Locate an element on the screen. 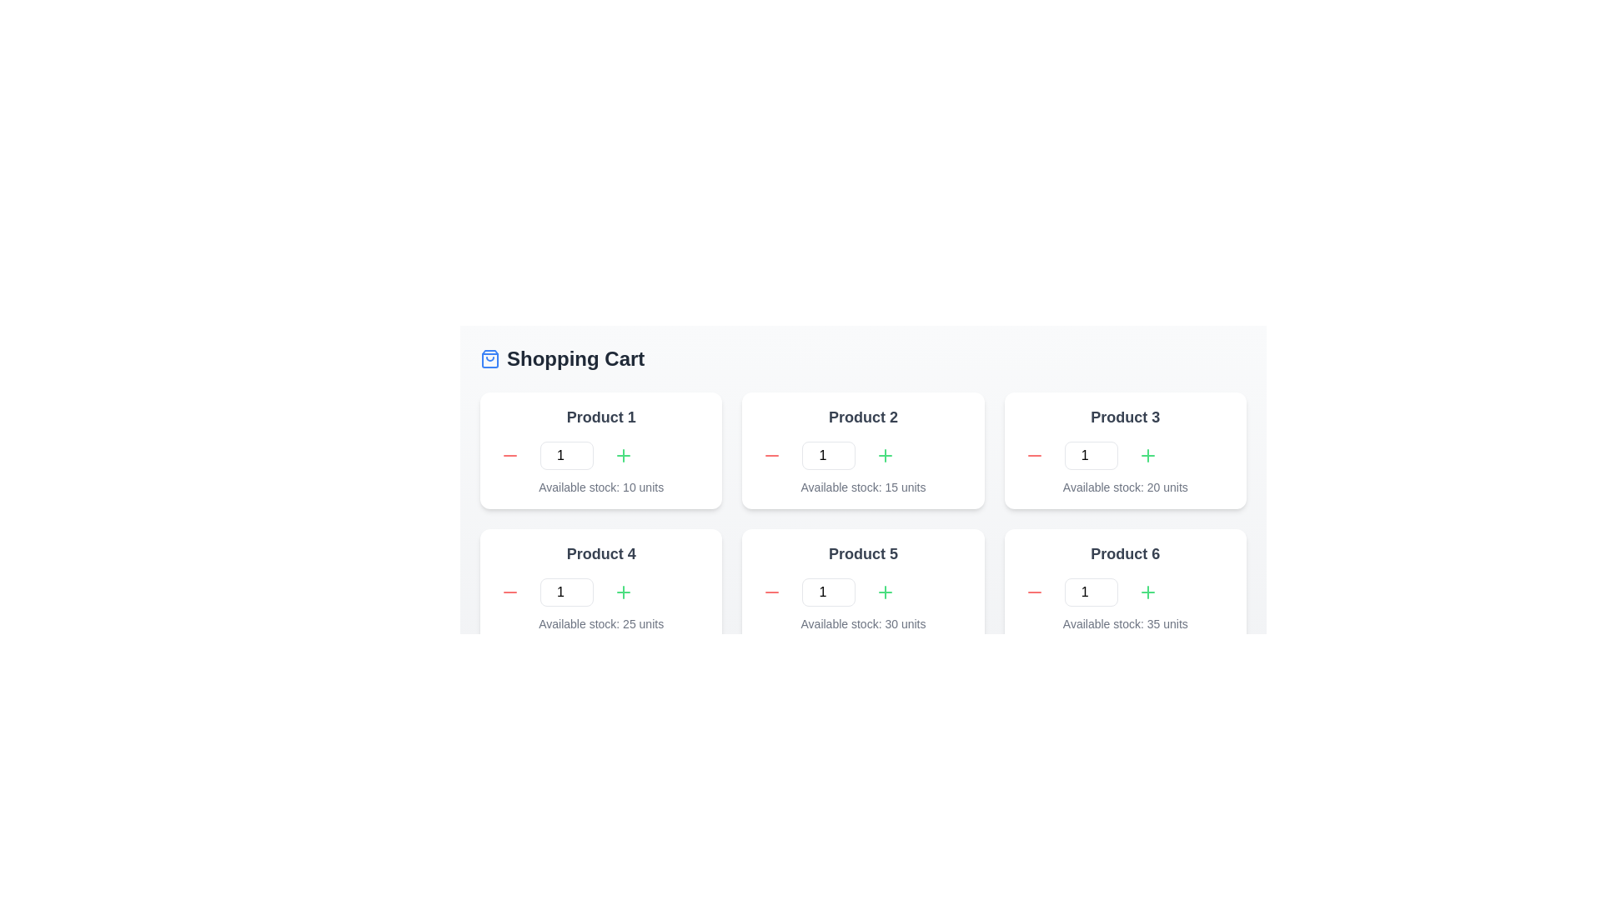  the text label displaying 'Product 2', which is styled with a bold font and dark gray color, located in the upper section of the second product card in the shopping cart interface is located at coordinates (863, 417).